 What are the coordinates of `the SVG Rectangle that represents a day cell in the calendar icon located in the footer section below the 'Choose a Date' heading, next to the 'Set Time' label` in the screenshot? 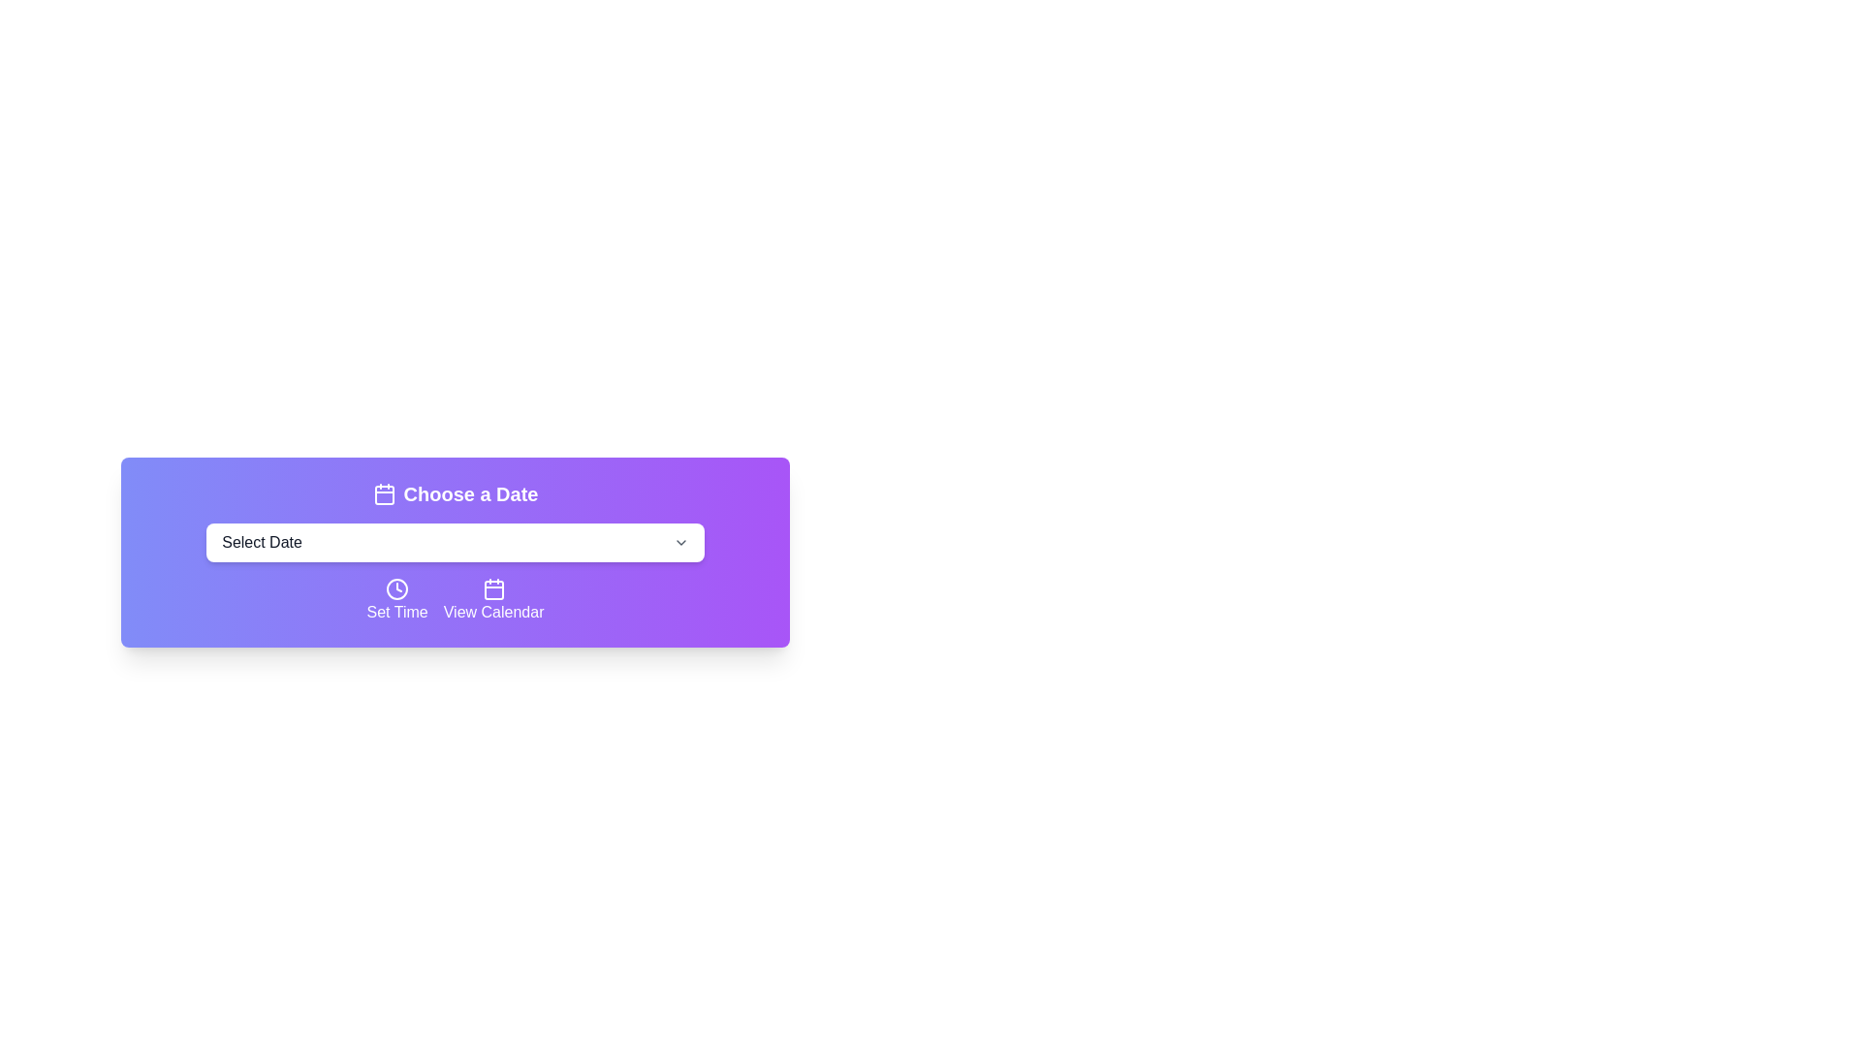 It's located at (493, 589).